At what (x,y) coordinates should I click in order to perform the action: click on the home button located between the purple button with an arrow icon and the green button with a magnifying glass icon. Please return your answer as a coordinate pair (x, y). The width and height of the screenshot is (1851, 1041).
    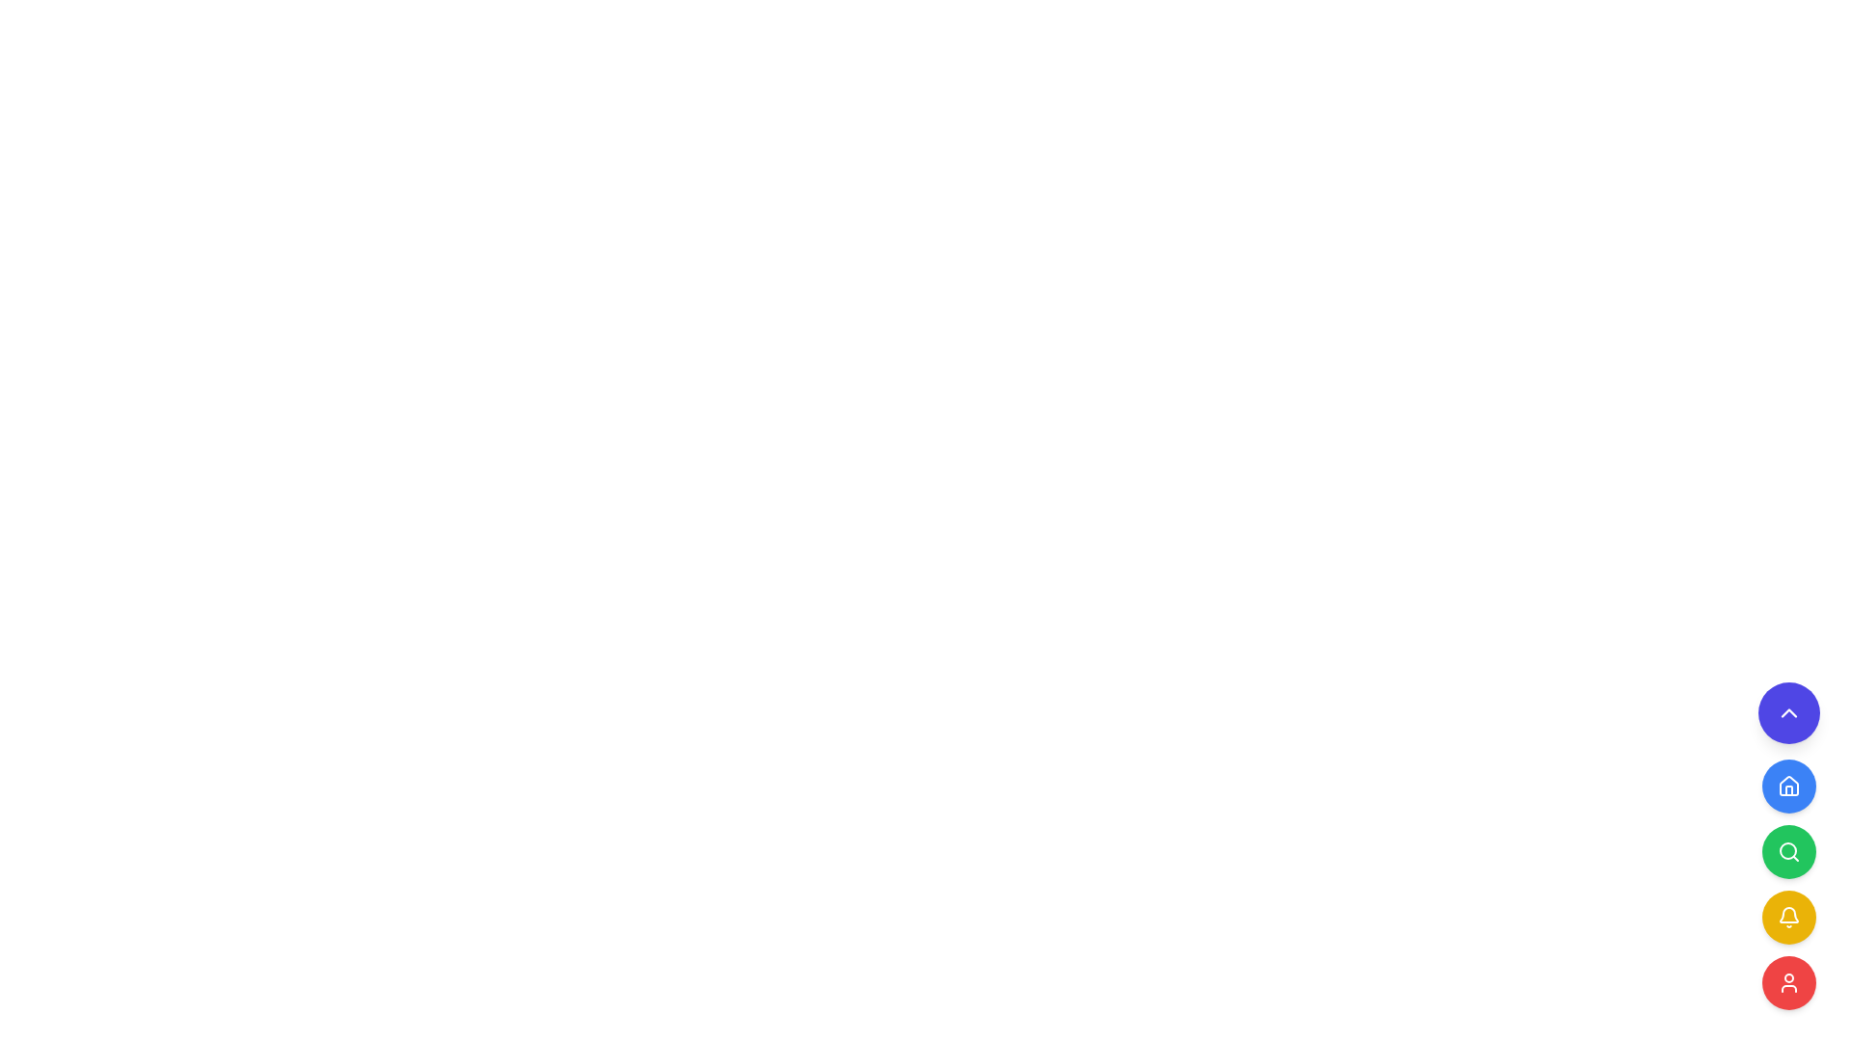
    Looking at the image, I should click on (1788, 787).